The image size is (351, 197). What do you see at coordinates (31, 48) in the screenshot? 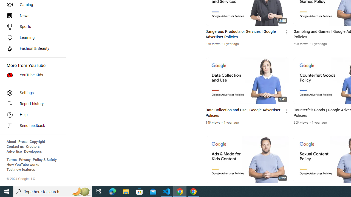
I see `'Fashion & Beauty'` at bounding box center [31, 48].